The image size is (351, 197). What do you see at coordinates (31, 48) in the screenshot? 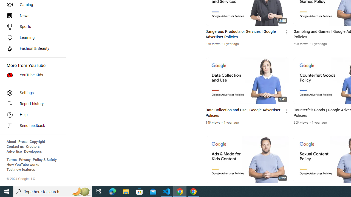
I see `'Fashion & Beauty'` at bounding box center [31, 48].